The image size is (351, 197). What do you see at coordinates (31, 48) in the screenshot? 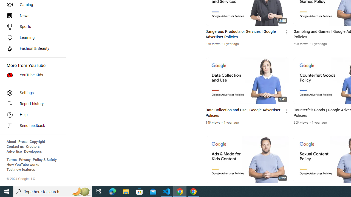
I see `'Fashion & Beauty'` at bounding box center [31, 48].